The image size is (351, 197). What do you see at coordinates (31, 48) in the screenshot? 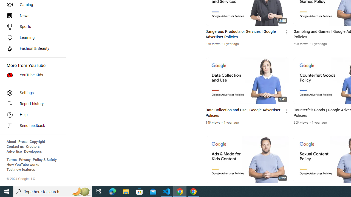
I see `'Fashion & Beauty'` at bounding box center [31, 48].